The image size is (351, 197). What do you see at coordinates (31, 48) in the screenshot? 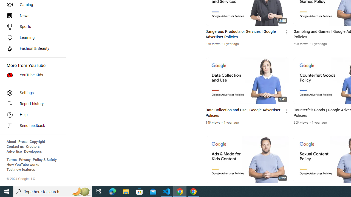
I see `'Fashion & Beauty'` at bounding box center [31, 48].